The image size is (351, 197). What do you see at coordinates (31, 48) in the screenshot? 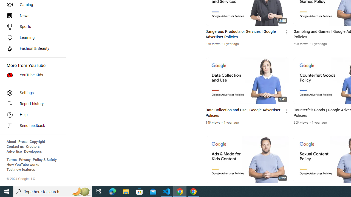
I see `'Fashion & Beauty'` at bounding box center [31, 48].